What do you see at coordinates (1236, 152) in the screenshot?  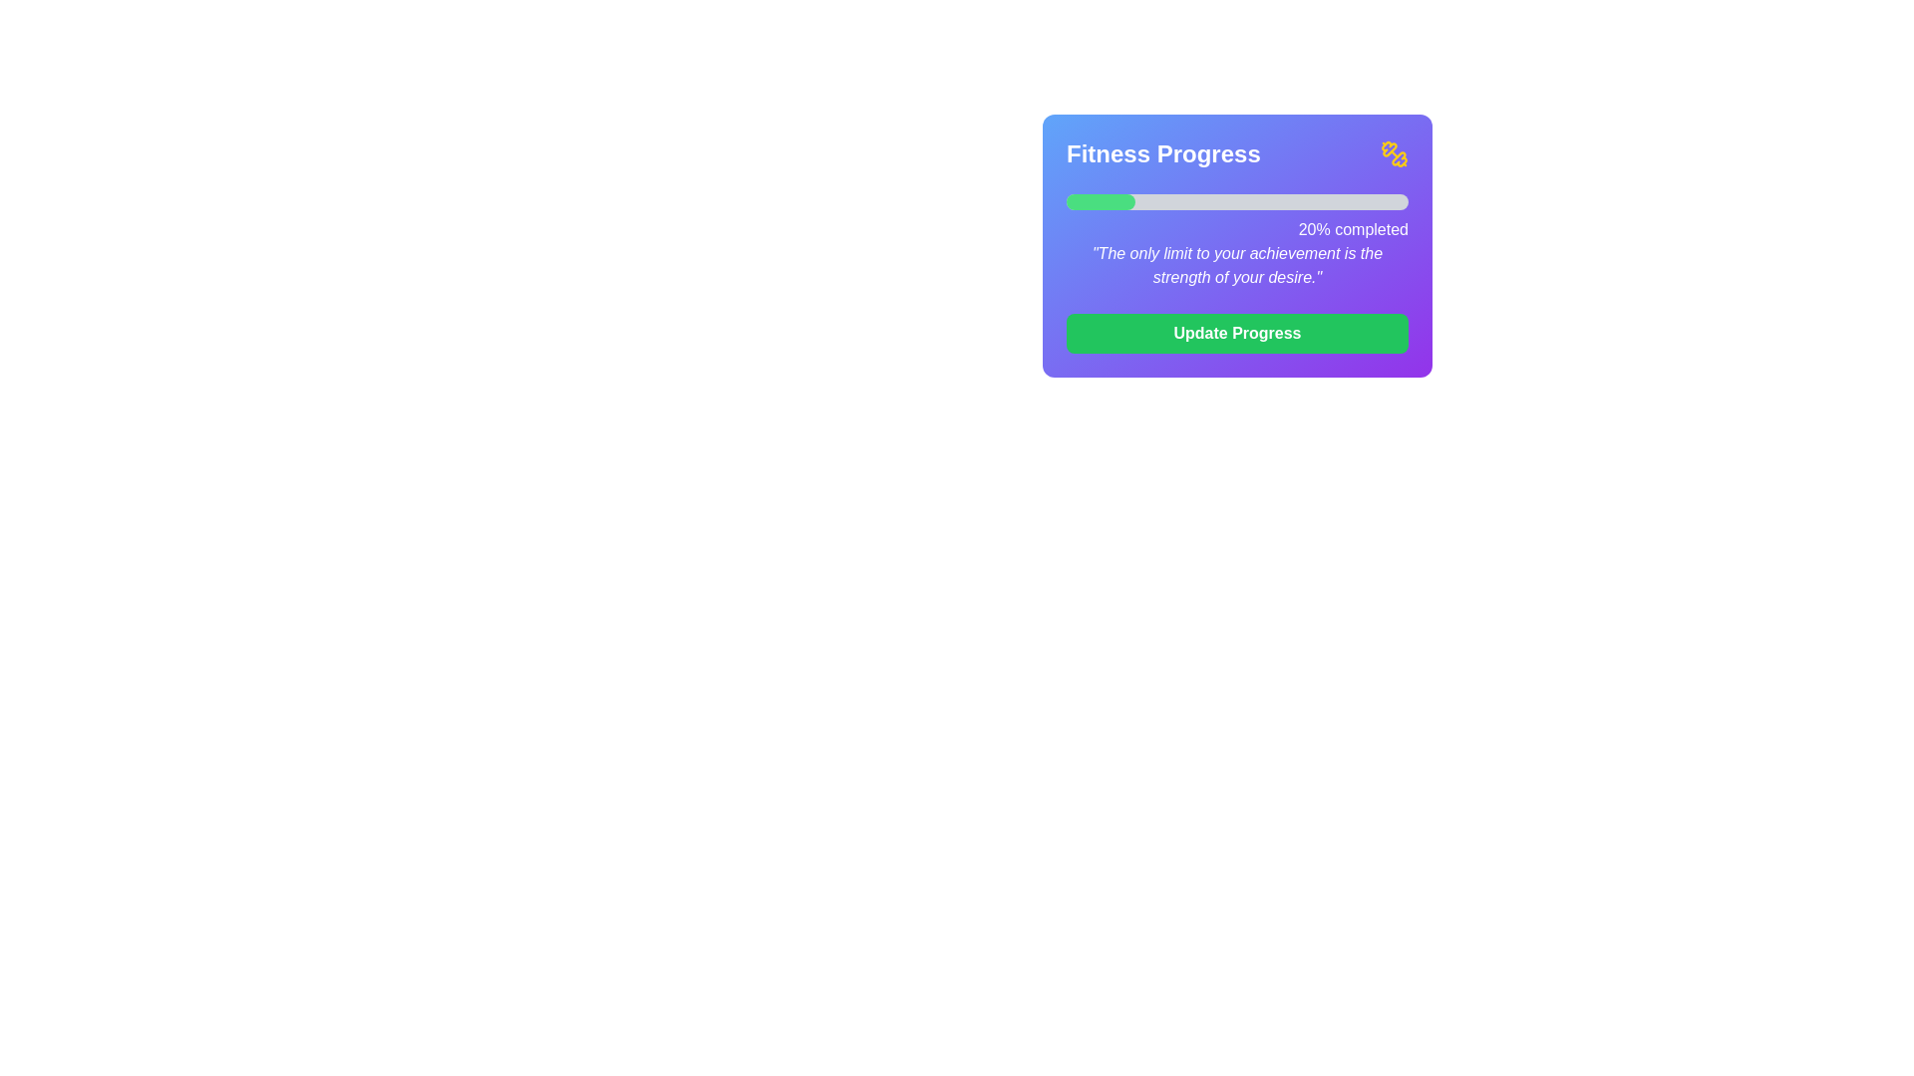 I see `the 'Fitness Progress' title in the Header section at the top of the widget` at bounding box center [1236, 152].